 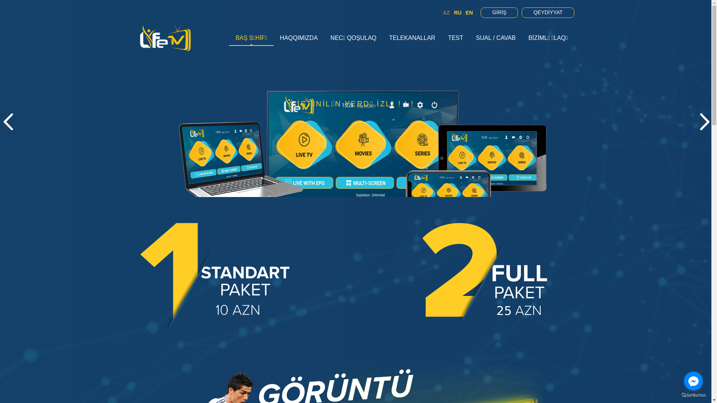 I want to click on 'SUAL / CAVAB', so click(x=496, y=38).